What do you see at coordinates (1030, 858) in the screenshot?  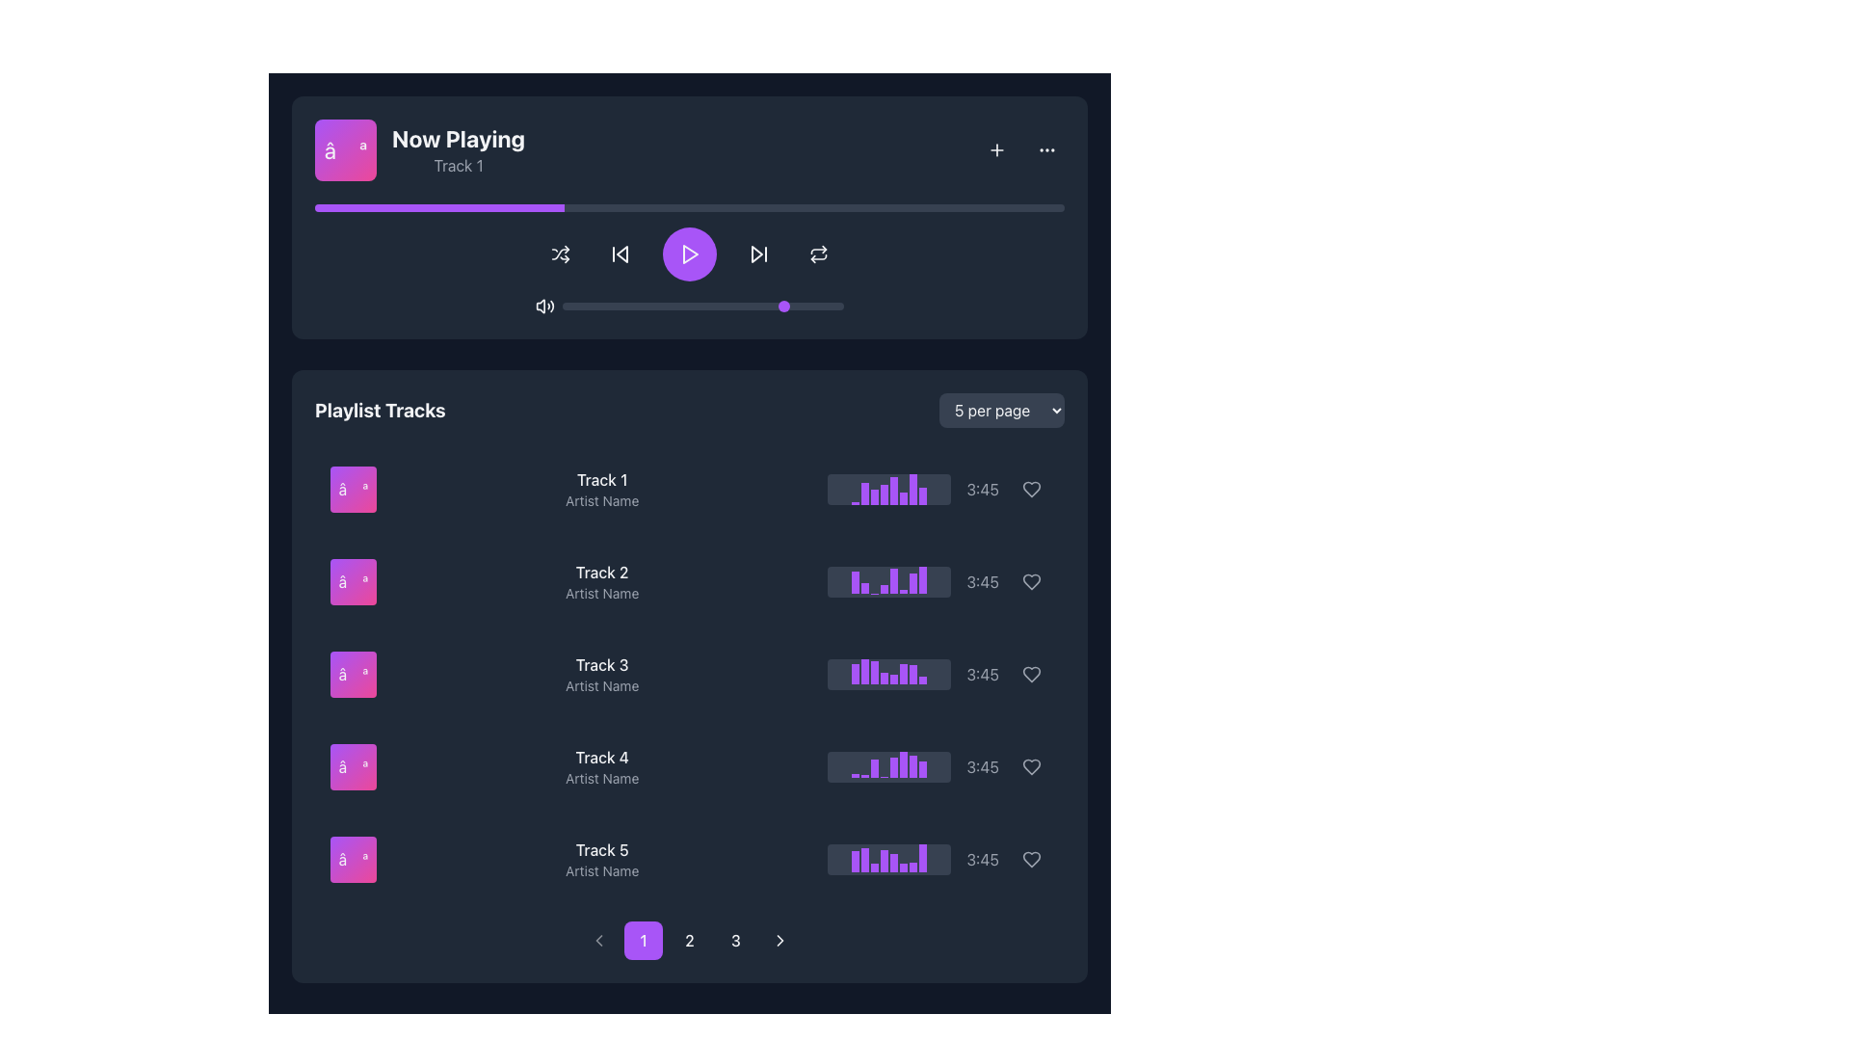 I see `the heart-shaped button icon located in the 'Tracks' section at the far right of the row corresponding to 'Track 5' to favorite this track` at bounding box center [1030, 858].